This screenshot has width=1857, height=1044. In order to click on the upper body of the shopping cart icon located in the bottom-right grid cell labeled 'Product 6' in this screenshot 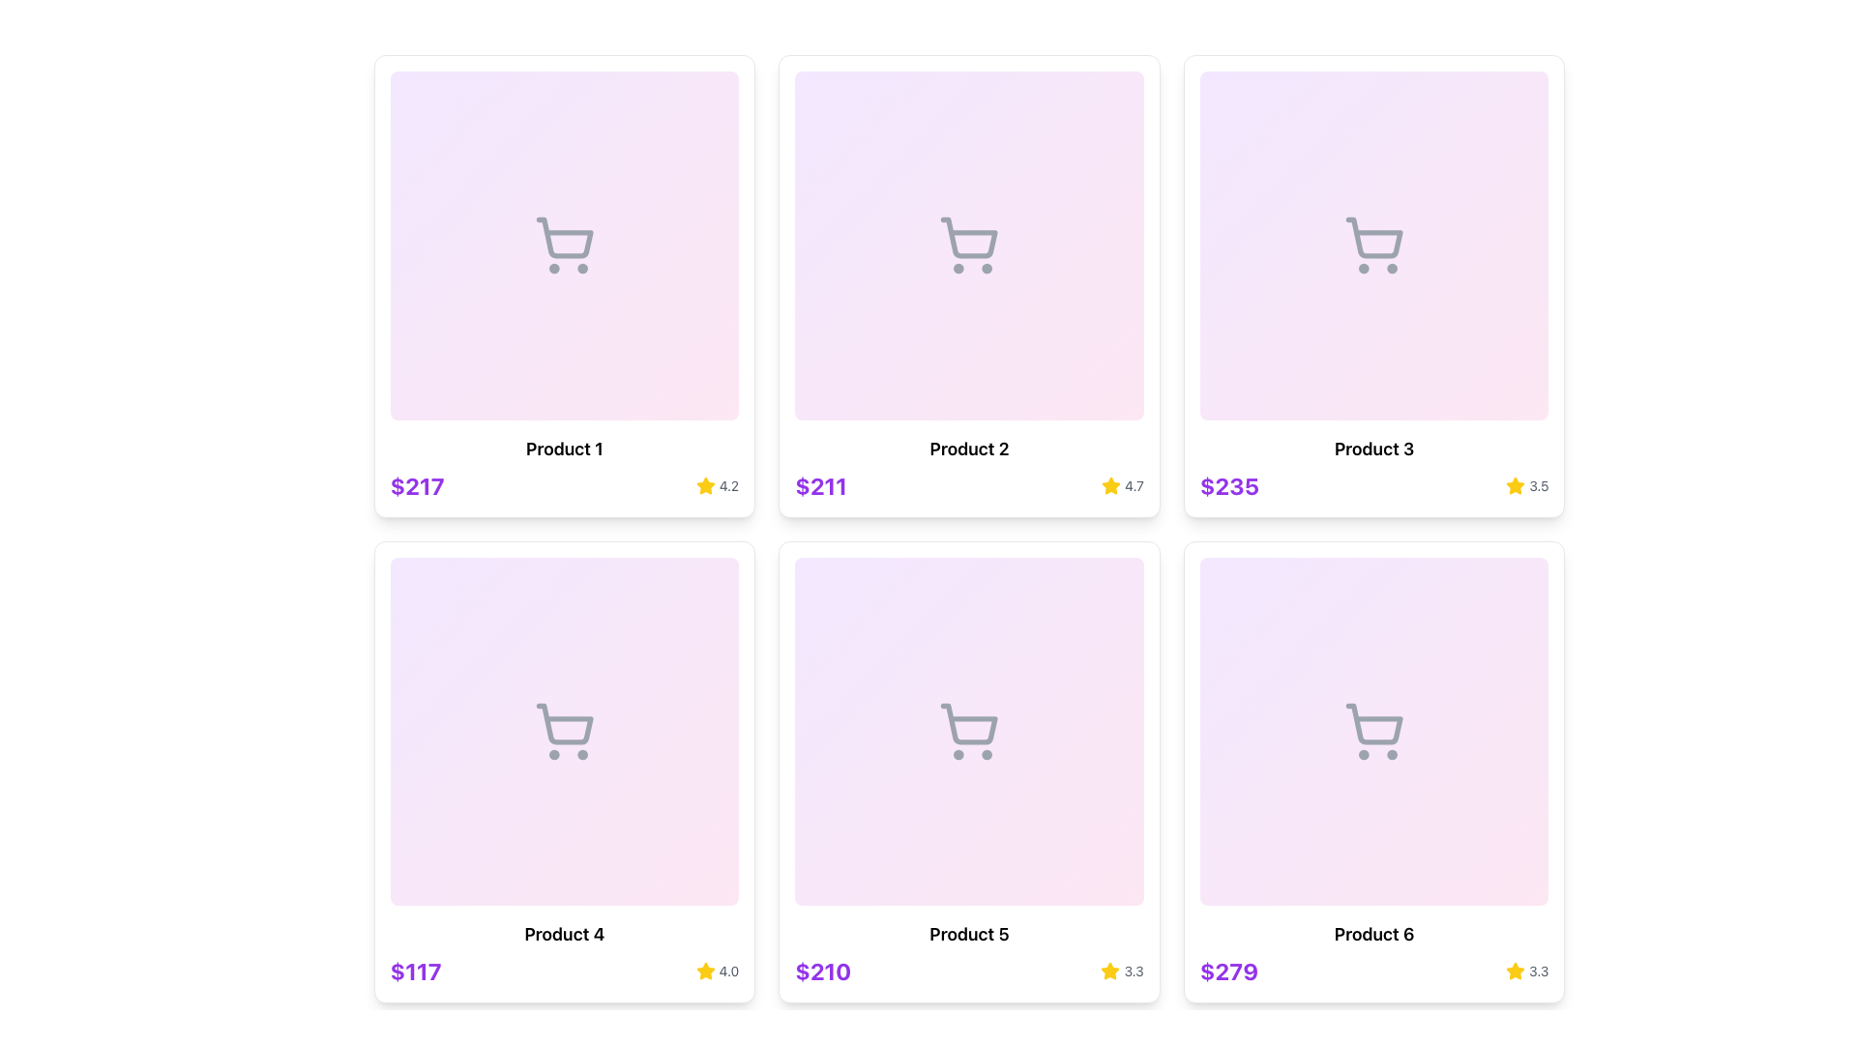, I will do `click(1373, 724)`.